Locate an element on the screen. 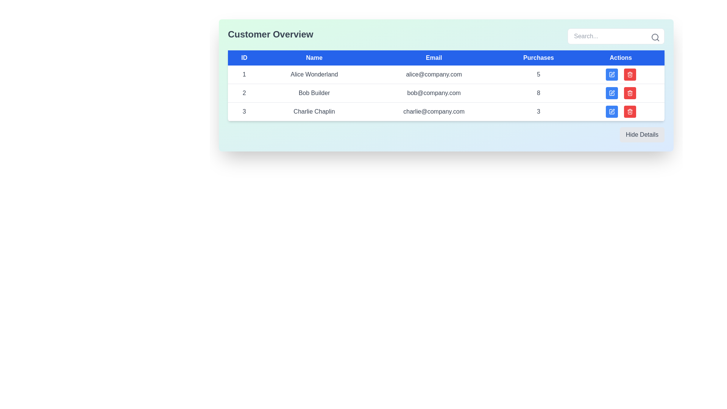 This screenshot has width=727, height=409. the text label displaying 'Charlie Chaplin' in the 'Customer Overview' table, which is styled with light gray text and is located in the second column of the third row is located at coordinates (314, 111).